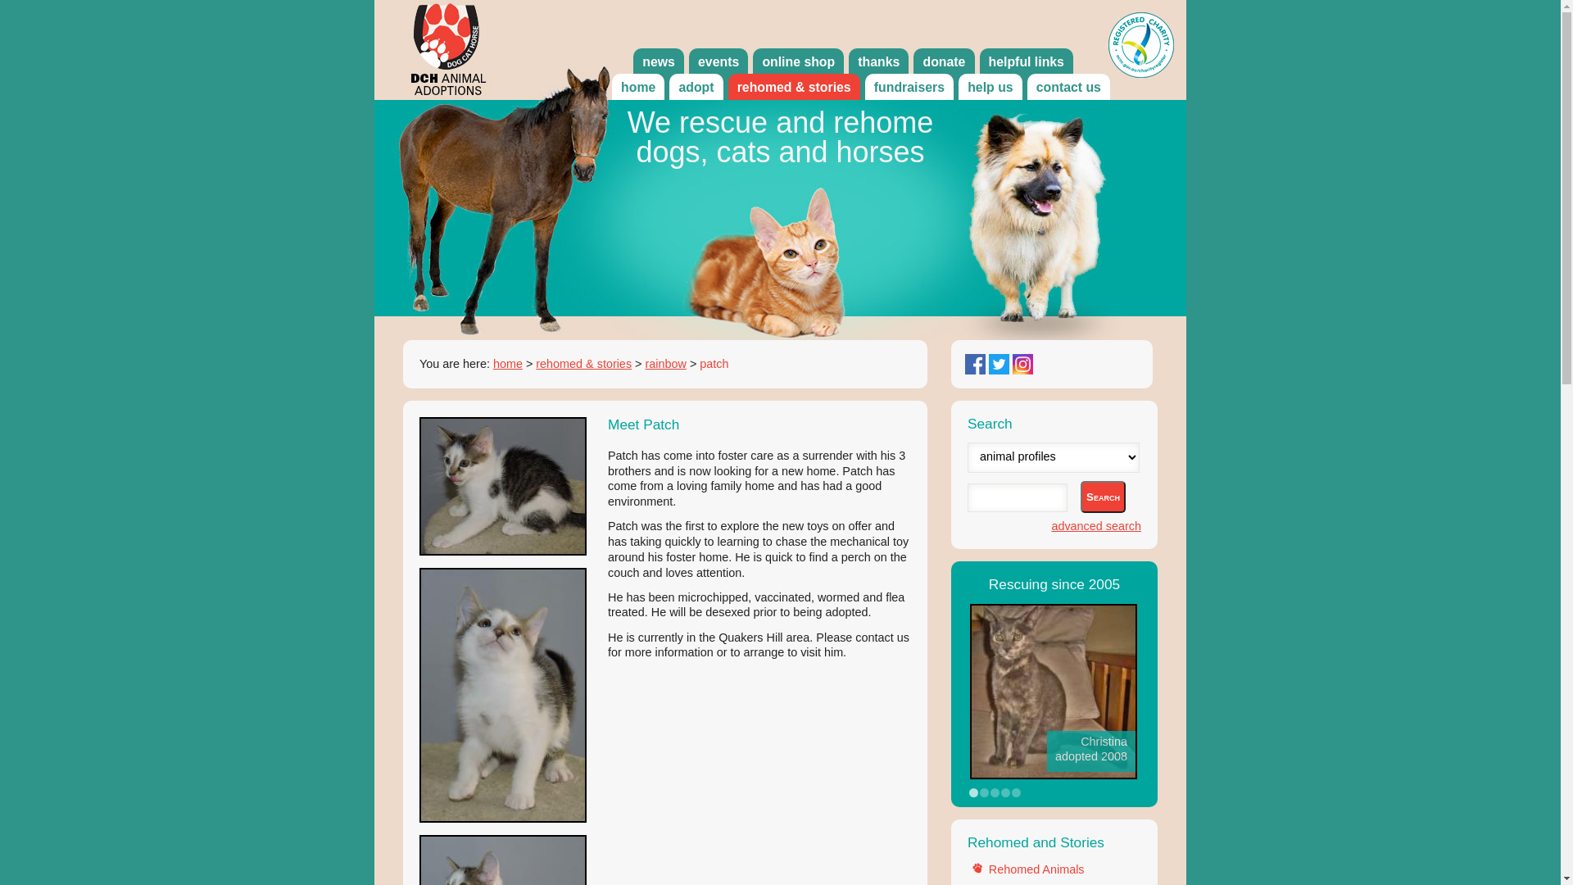 The height and width of the screenshot is (885, 1573). What do you see at coordinates (1103, 496) in the screenshot?
I see `'Search'` at bounding box center [1103, 496].